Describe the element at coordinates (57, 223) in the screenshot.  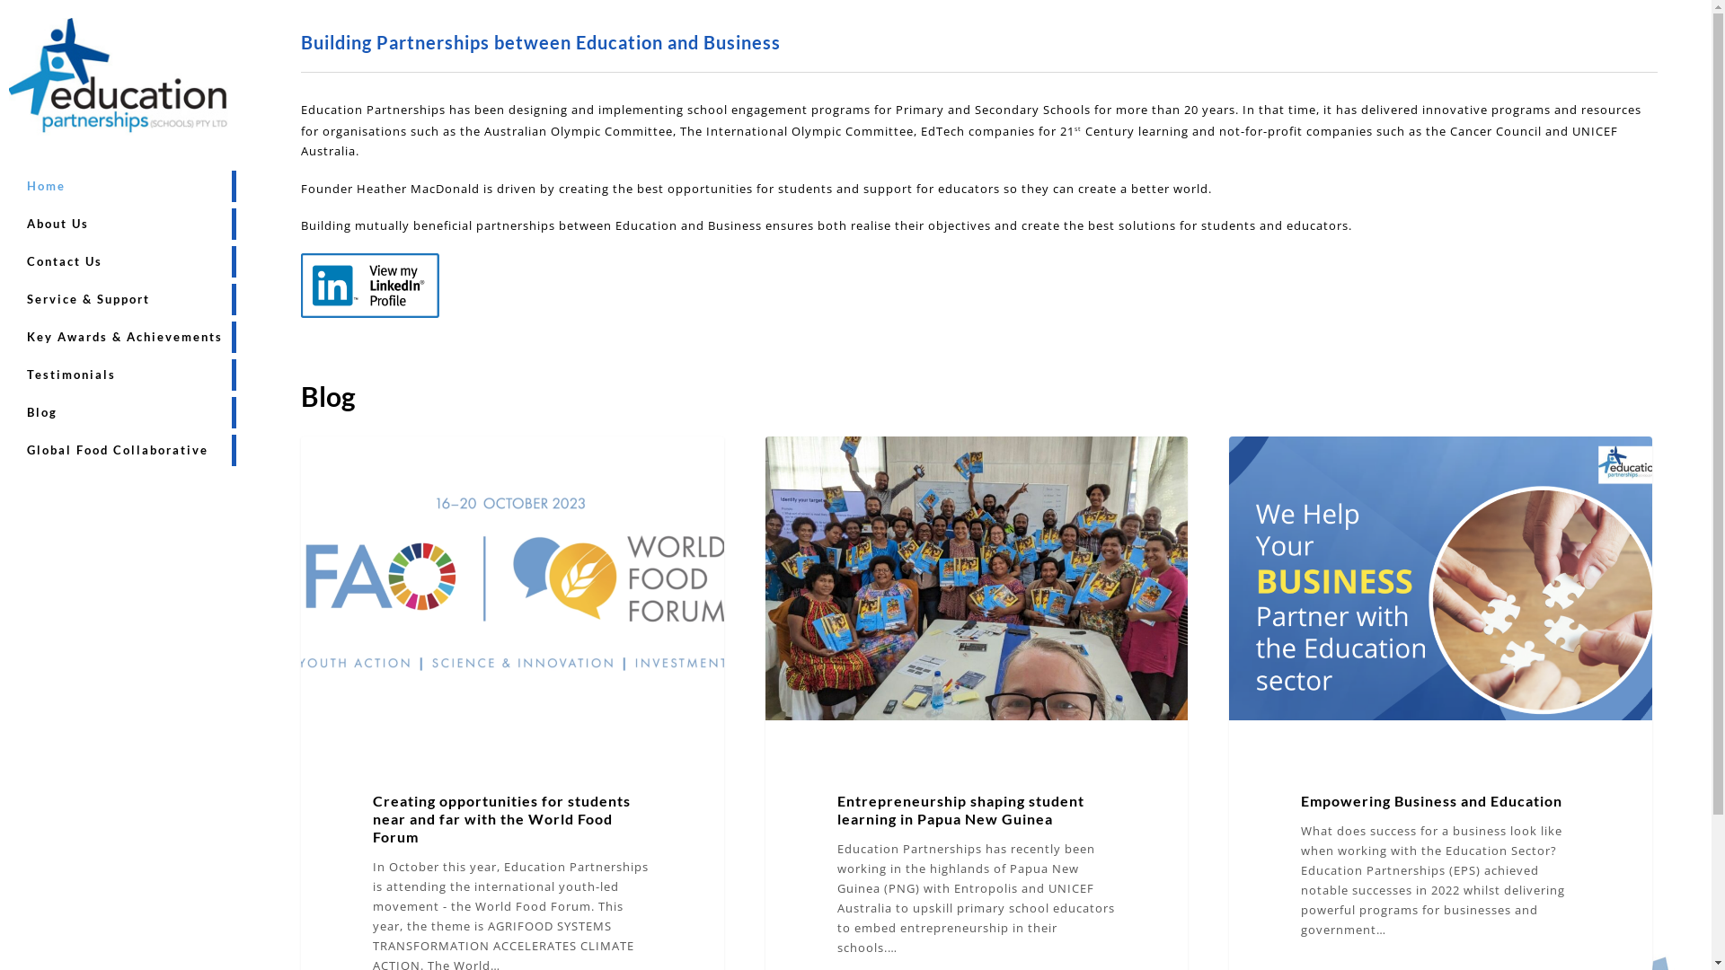
I see `'About Us'` at that location.